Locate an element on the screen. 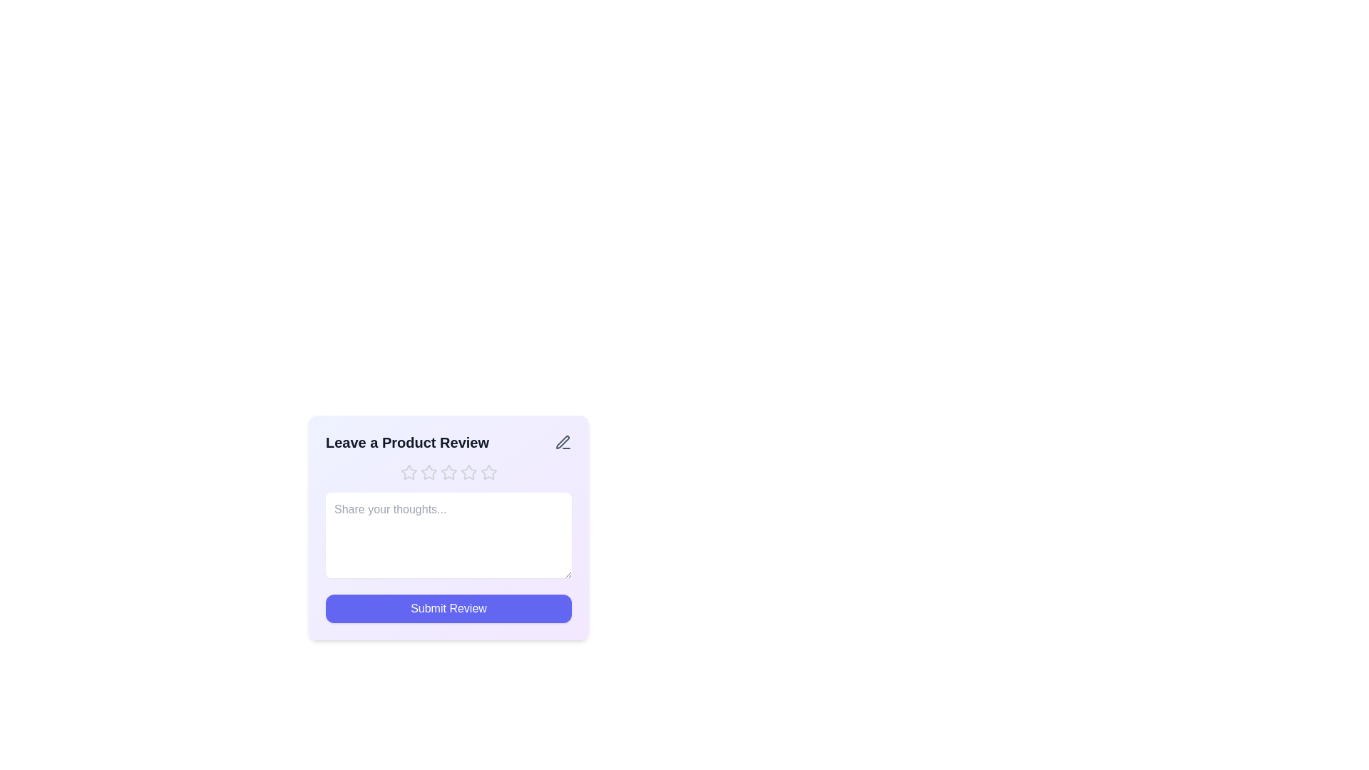 The width and height of the screenshot is (1369, 770). the star corresponding to the rating 1 to set the rating is located at coordinates (408, 473).